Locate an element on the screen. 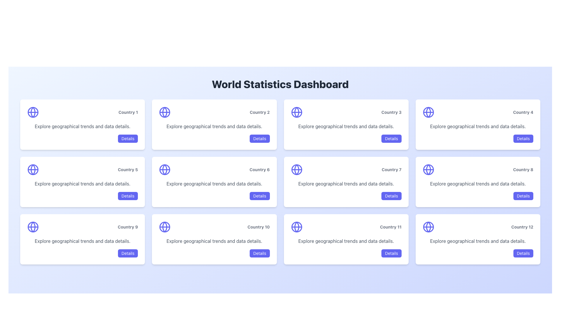  the button designed to navigate to detailed information regarding 'Country 11', which is the sixth button from the left in the fourth row of a grid is located at coordinates (391, 253).